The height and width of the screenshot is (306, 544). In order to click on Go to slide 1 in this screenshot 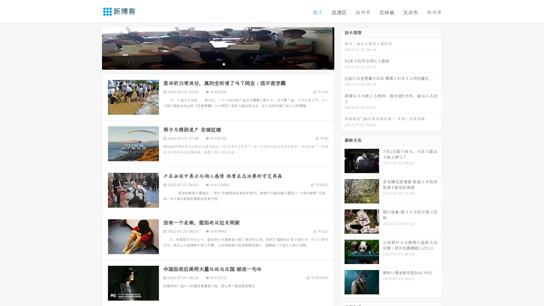, I will do `click(212, 64)`.